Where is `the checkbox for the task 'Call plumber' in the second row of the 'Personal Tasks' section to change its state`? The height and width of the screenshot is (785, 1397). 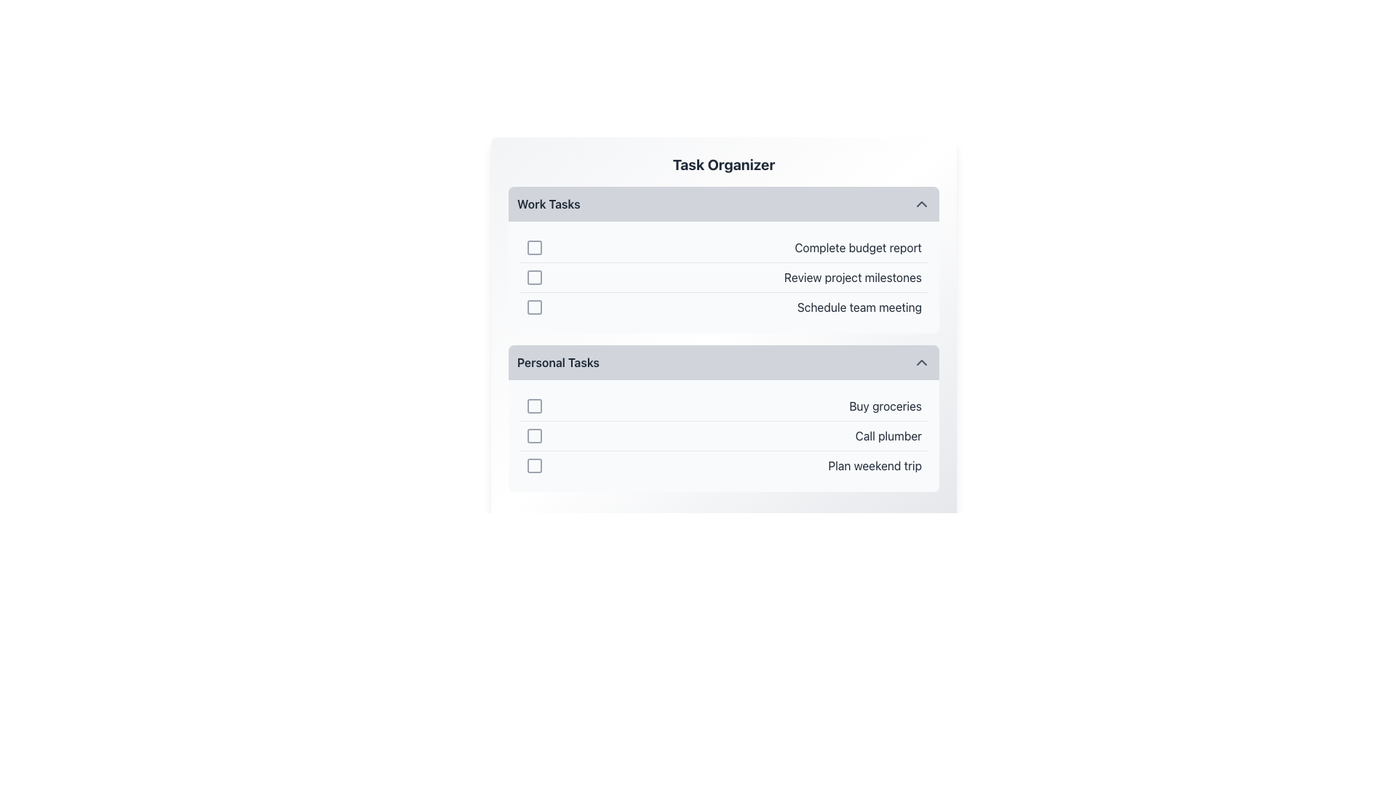
the checkbox for the task 'Call plumber' in the second row of the 'Personal Tasks' section to change its state is located at coordinates (533, 435).